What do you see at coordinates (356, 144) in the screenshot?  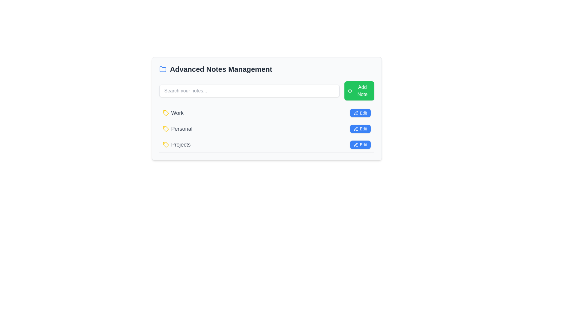 I see `the pen icon within the blue 'Edit' button in the Projects section located at the bottom right of the list` at bounding box center [356, 144].